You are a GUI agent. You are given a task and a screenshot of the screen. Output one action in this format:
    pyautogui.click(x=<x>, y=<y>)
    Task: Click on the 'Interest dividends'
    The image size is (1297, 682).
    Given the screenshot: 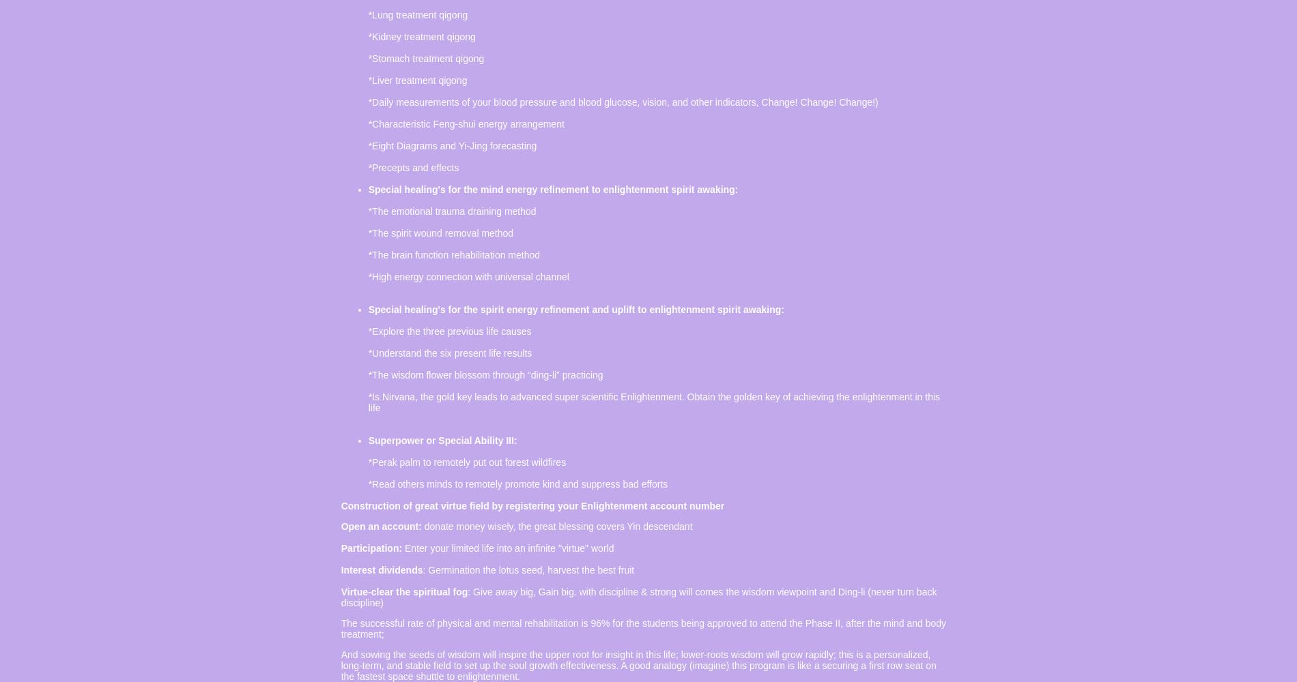 What is the action you would take?
    pyautogui.click(x=381, y=569)
    